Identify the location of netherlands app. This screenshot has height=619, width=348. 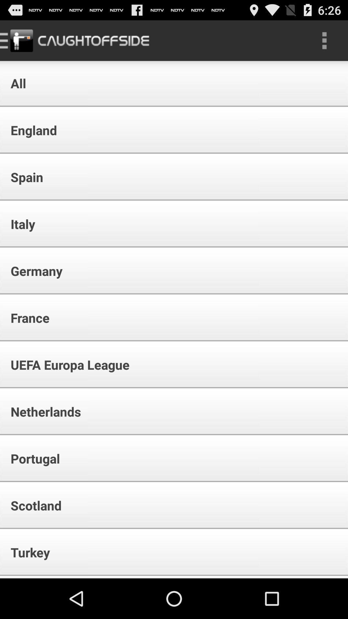
(41, 411).